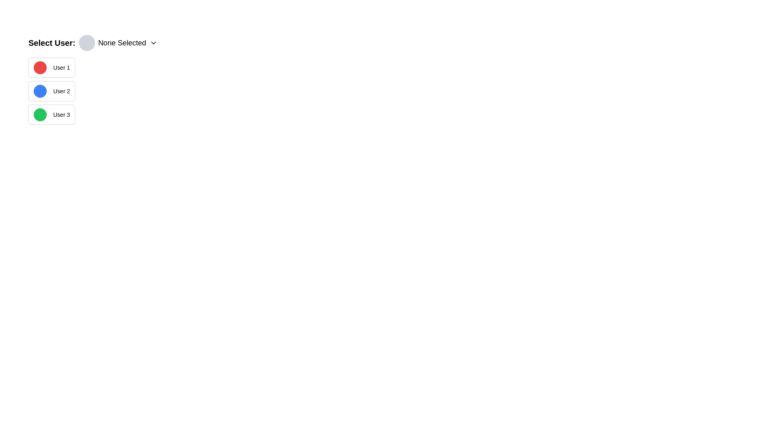  What do you see at coordinates (40, 114) in the screenshot?
I see `the circular green indicator icon located to the left of the text label 'User 3', which is the third element vertically in the list` at bounding box center [40, 114].